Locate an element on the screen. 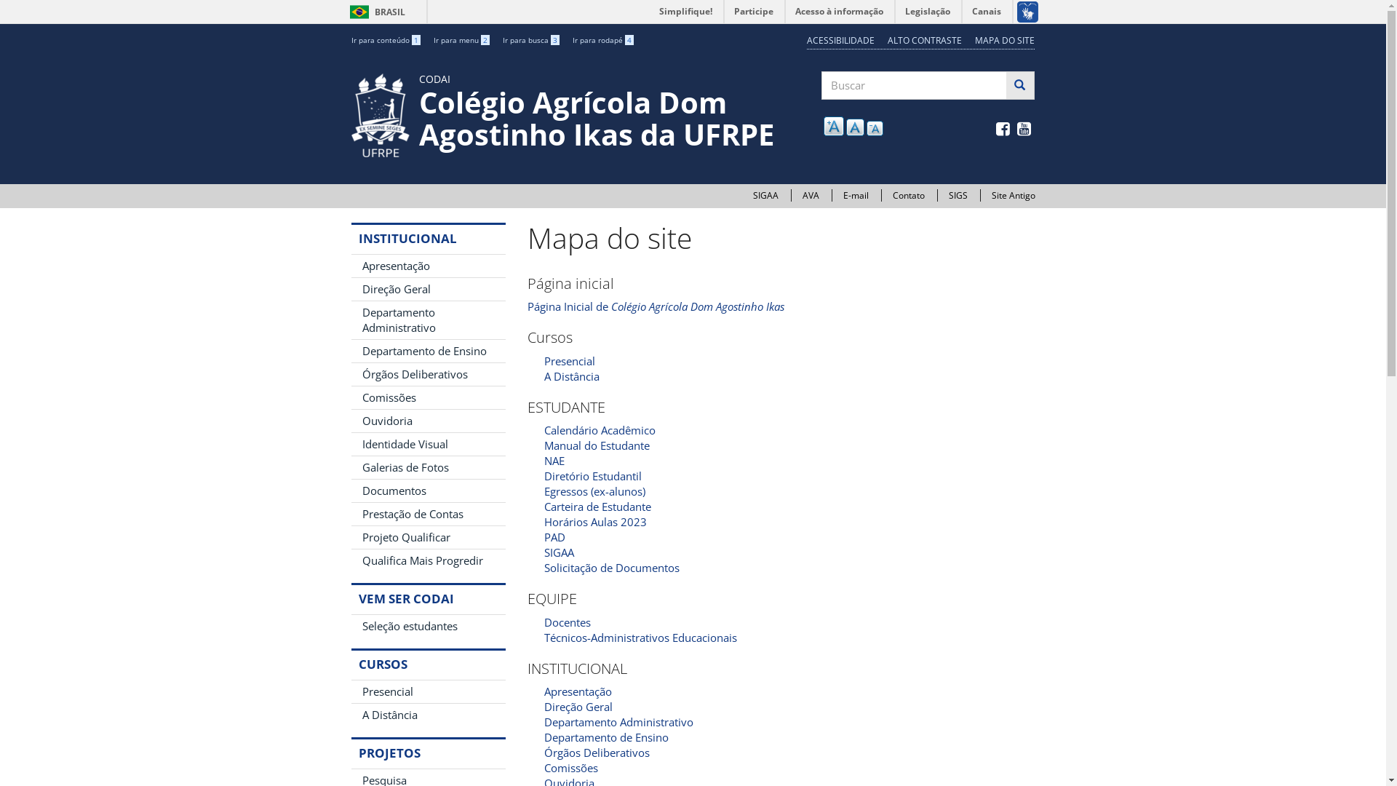 This screenshot has width=1397, height=786. 'Departamento Administrativo' is located at coordinates (427, 319).